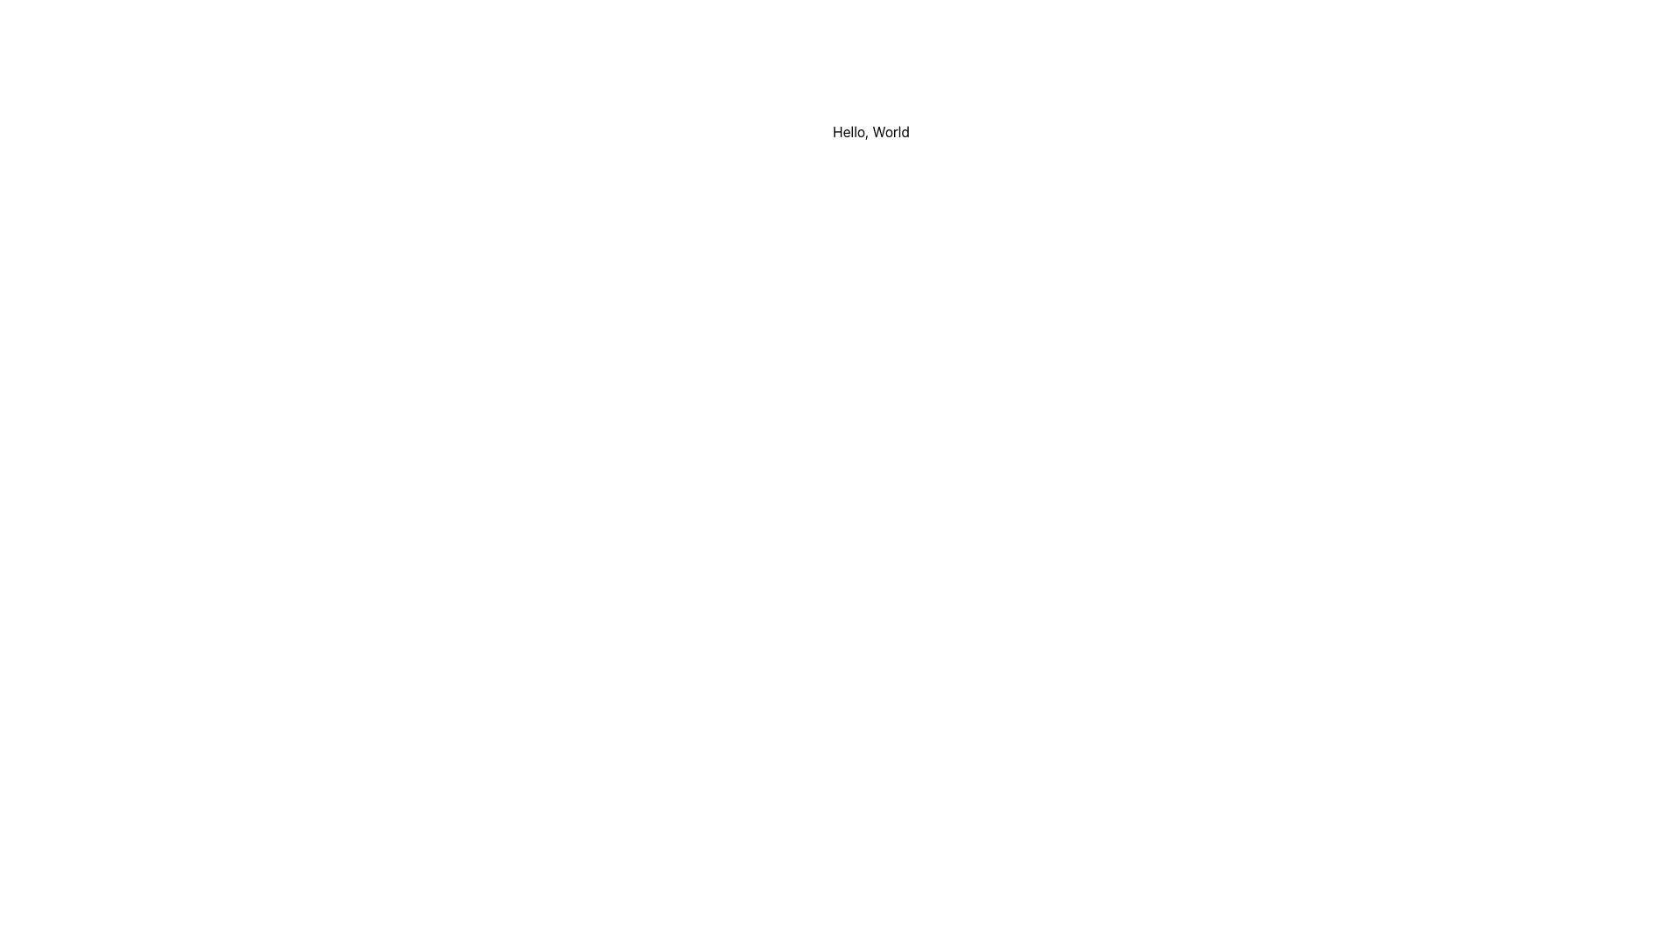  I want to click on the static text displaying 'Hello, World', which is styled in a minimalistic manner with a black font on a white background, so click(871, 130).